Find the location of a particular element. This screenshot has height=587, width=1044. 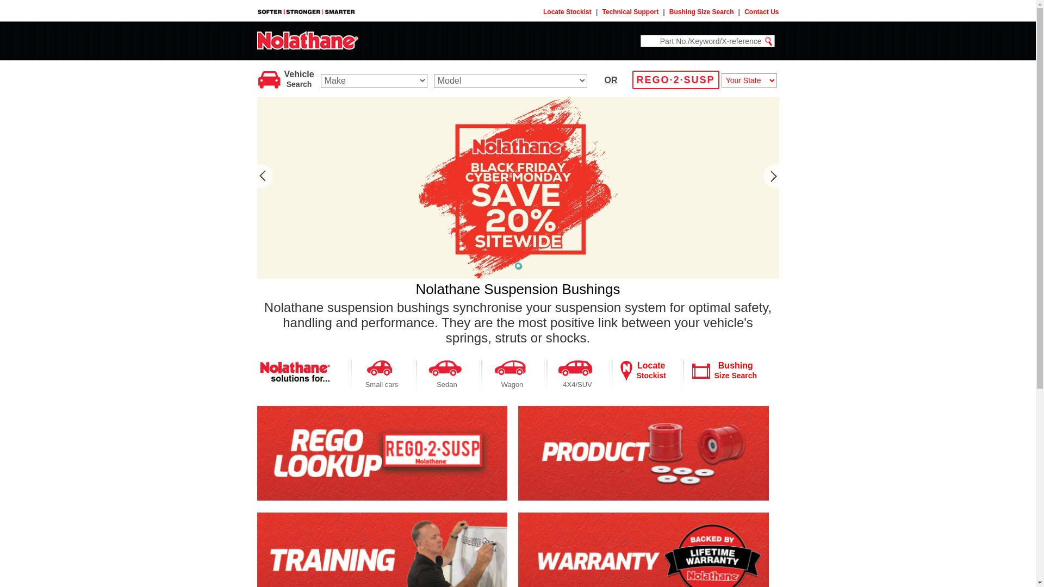

'Bushing is located at coordinates (736, 370).